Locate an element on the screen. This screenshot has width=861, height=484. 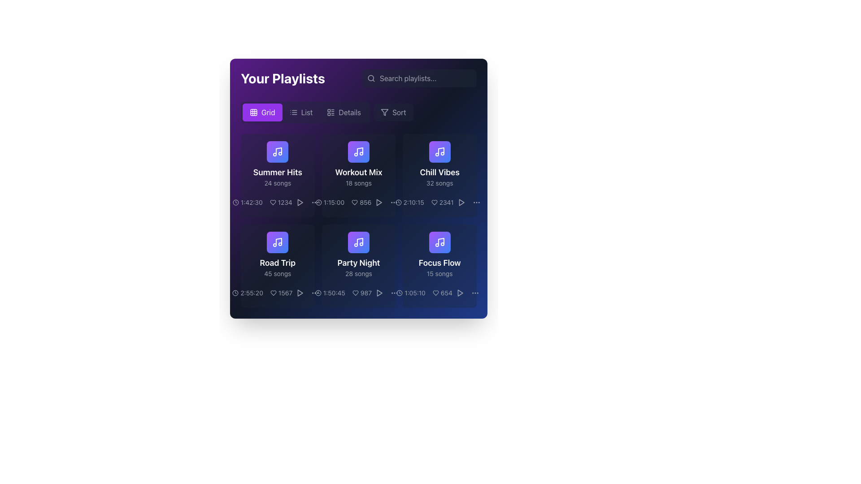
the circular graphical element of the magnifying glass icon located to the left of the search input field is located at coordinates (371, 78).